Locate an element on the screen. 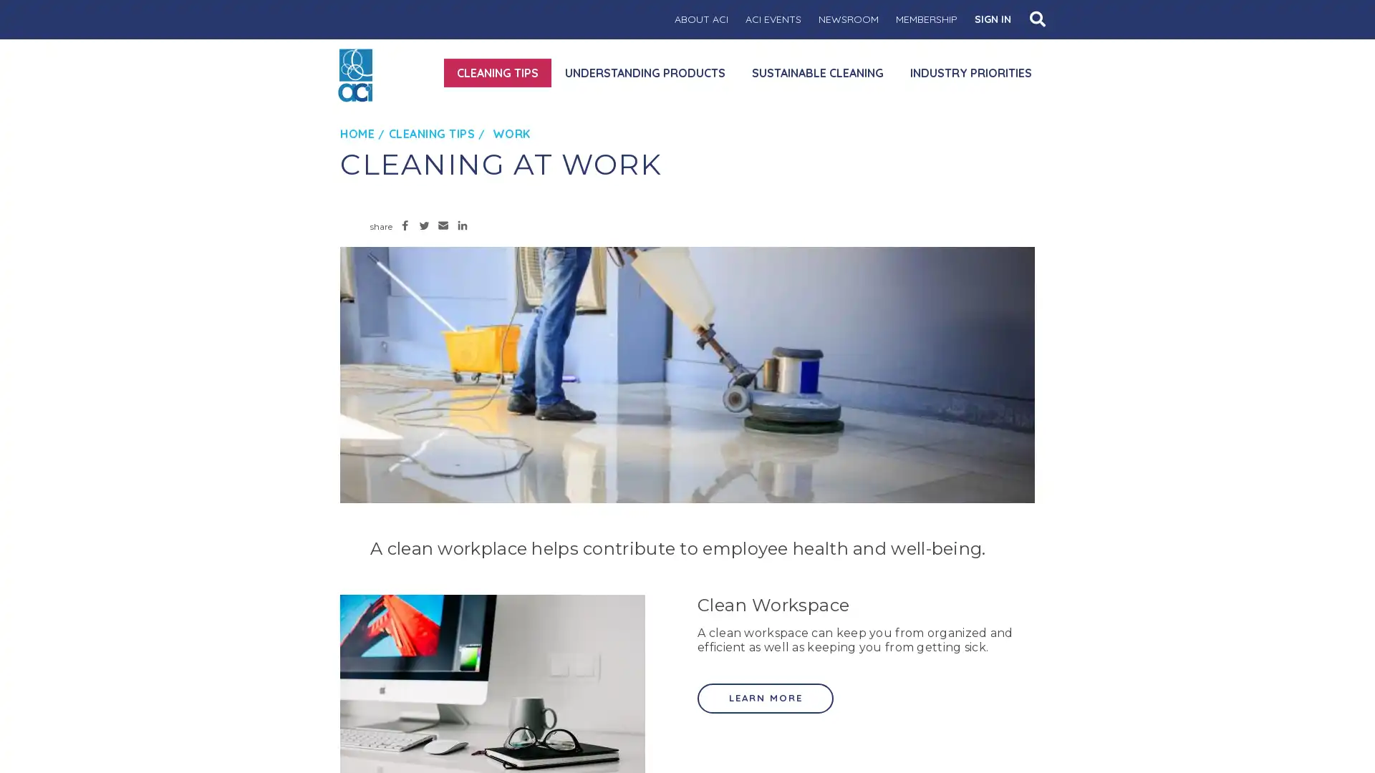  Share to Facebook is located at coordinates (404, 225).